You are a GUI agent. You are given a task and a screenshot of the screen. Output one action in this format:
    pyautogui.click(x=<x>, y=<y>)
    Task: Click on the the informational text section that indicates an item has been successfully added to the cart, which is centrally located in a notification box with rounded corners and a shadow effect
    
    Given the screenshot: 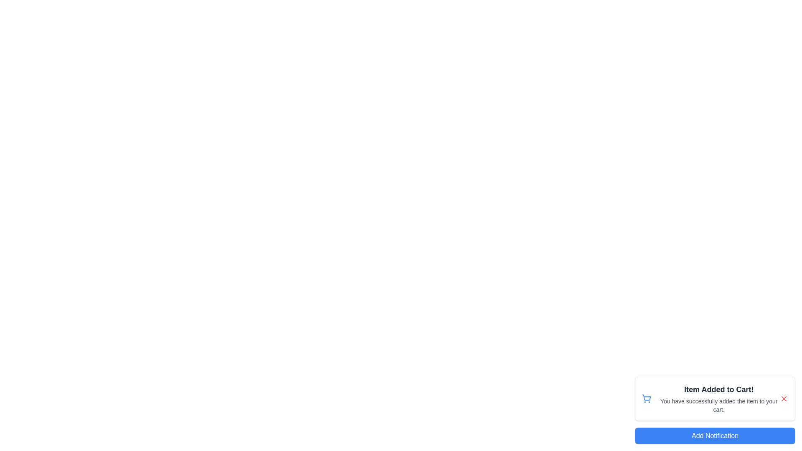 What is the action you would take?
    pyautogui.click(x=718, y=398)
    